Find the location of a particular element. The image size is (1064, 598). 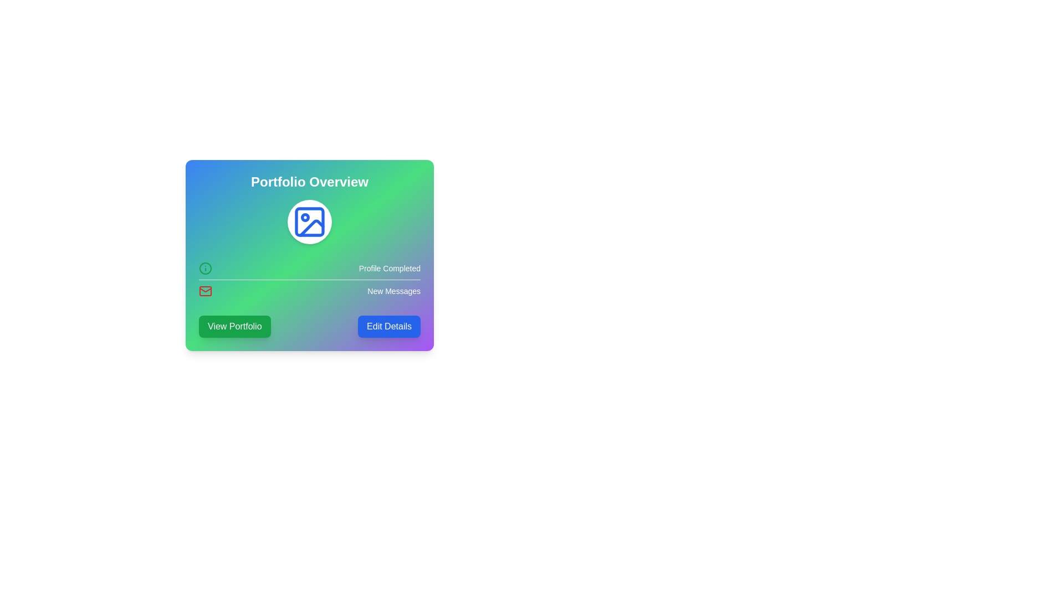

envelope icon's body component located in the left-central part of the card, positioned above the 'View Portfolio' button and below 'New Messages' is located at coordinates (205, 290).